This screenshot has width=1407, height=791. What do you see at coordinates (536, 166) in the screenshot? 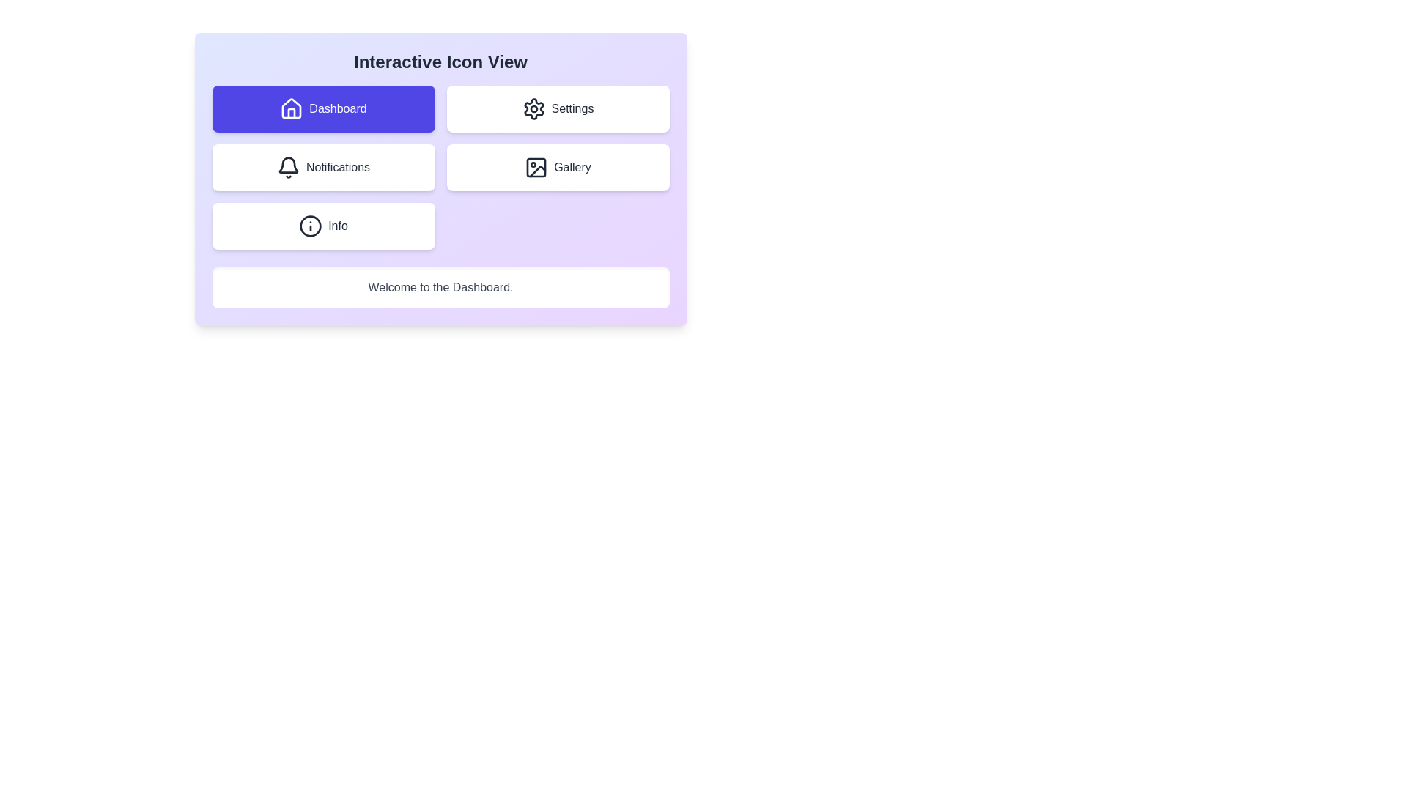
I see `the light gray rectangle with rounded corners that is part of the 'Gallery' button, located in the second row, second column of the grid layout` at bounding box center [536, 166].